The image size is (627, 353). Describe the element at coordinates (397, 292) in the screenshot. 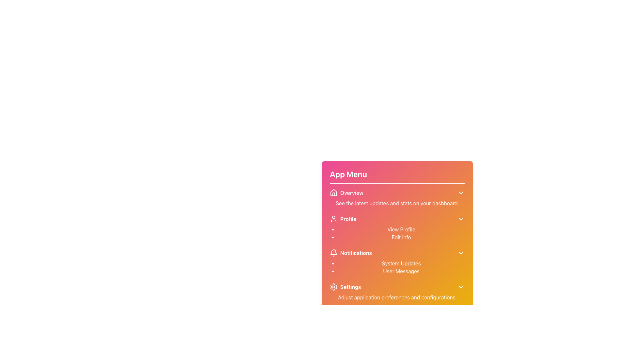

I see `the menu option at the bottom of the 'App Menu'` at that location.